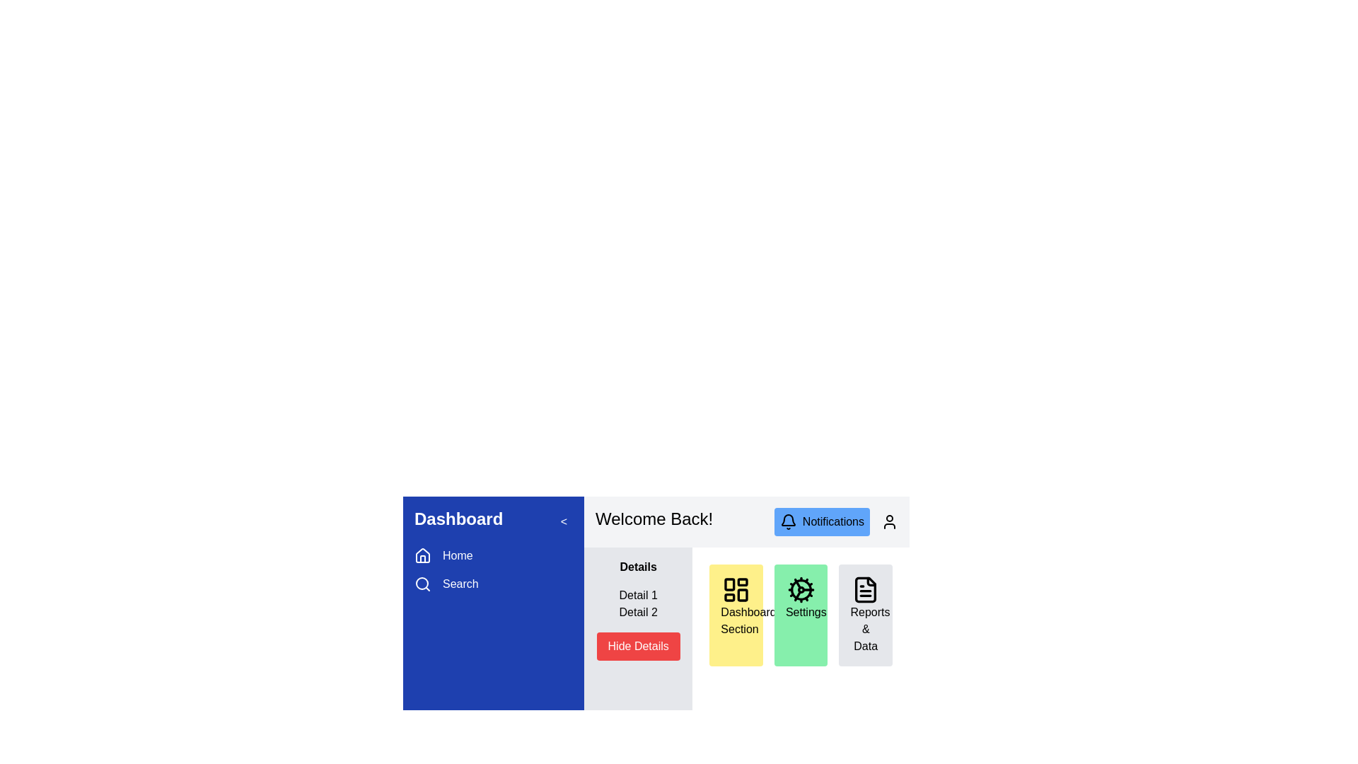 This screenshot has width=1358, height=764. I want to click on the circular shape resembling a magnifying glass lens, part of the SVG search icon located in the sidebar menu, specifically as part of the second menu item under the 'Search' label, so click(421, 584).